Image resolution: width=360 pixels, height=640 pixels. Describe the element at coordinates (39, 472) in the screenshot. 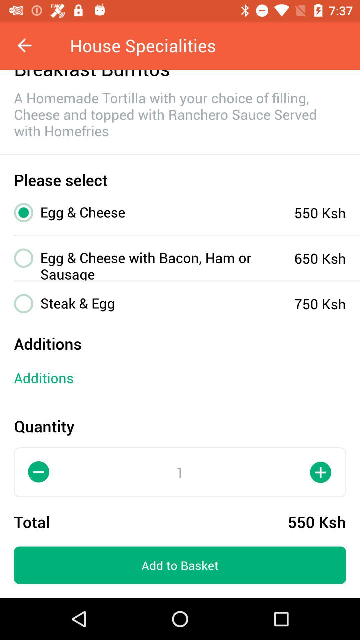

I see `icon above total` at that location.